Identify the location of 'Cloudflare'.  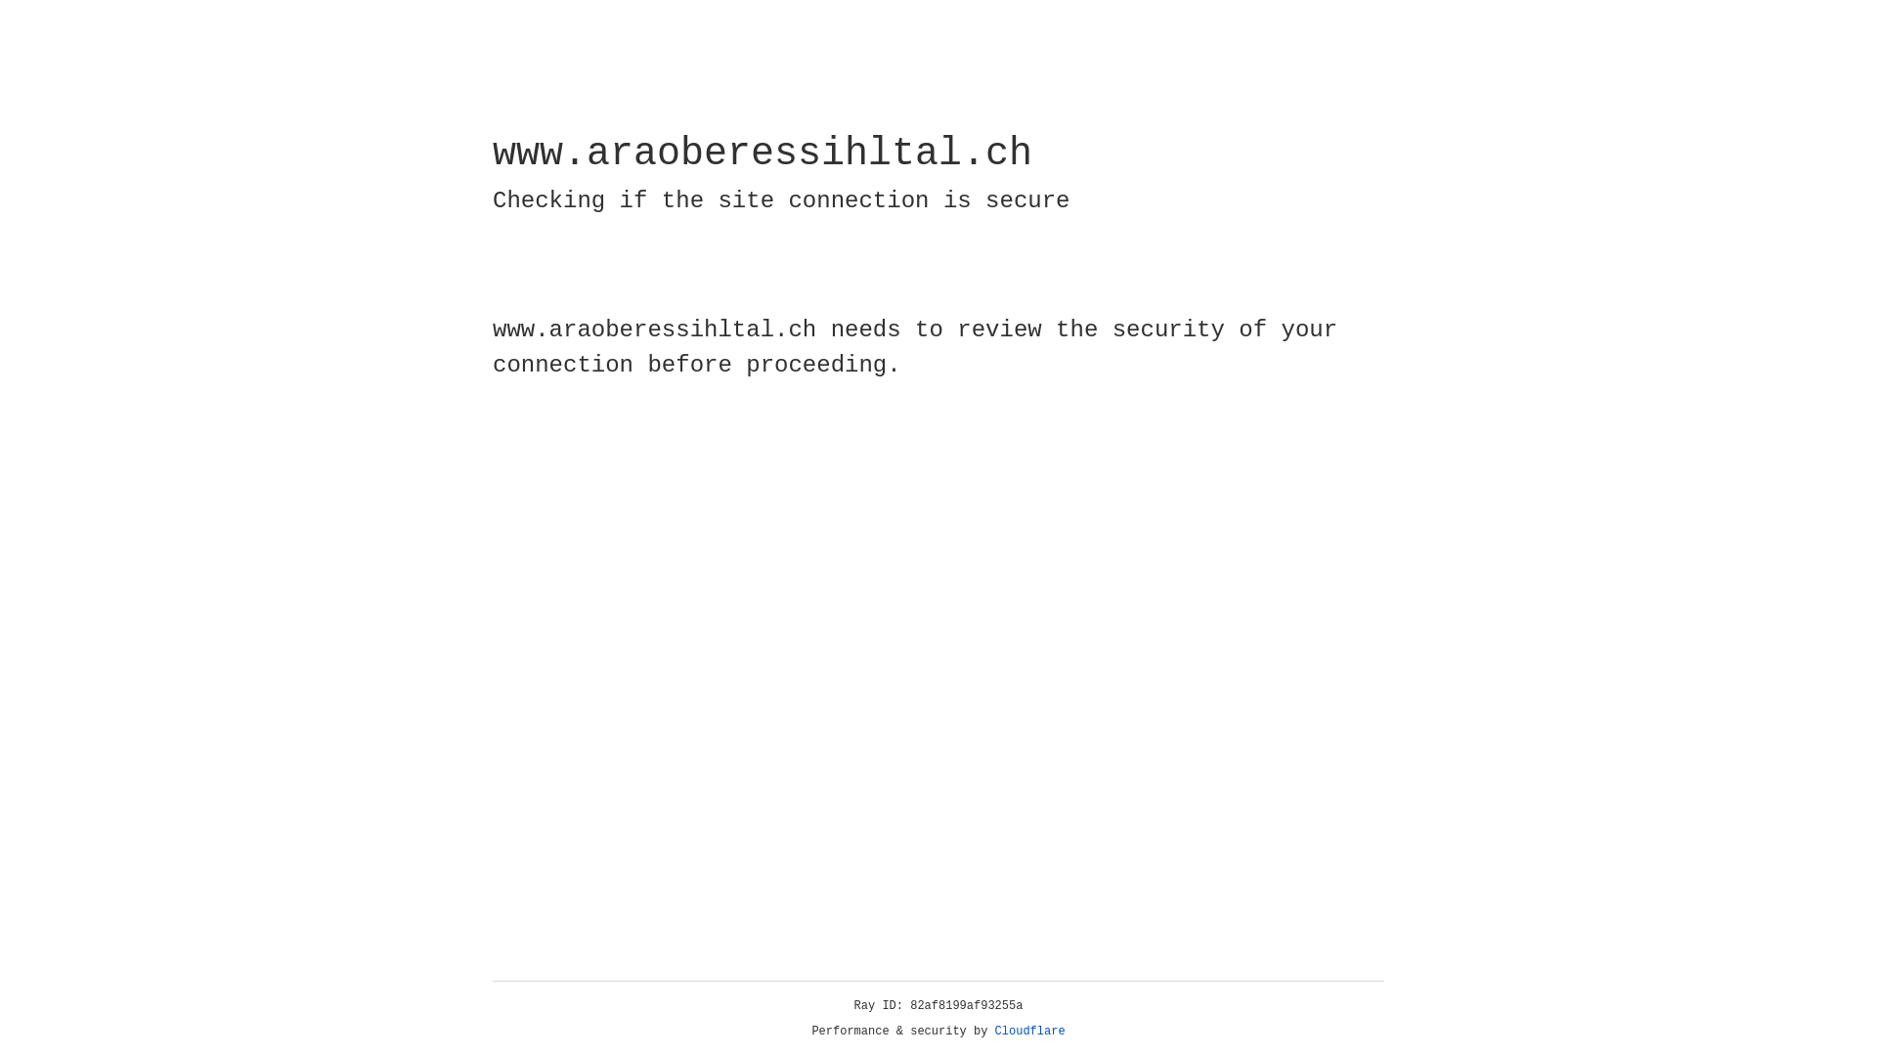
(1029, 1031).